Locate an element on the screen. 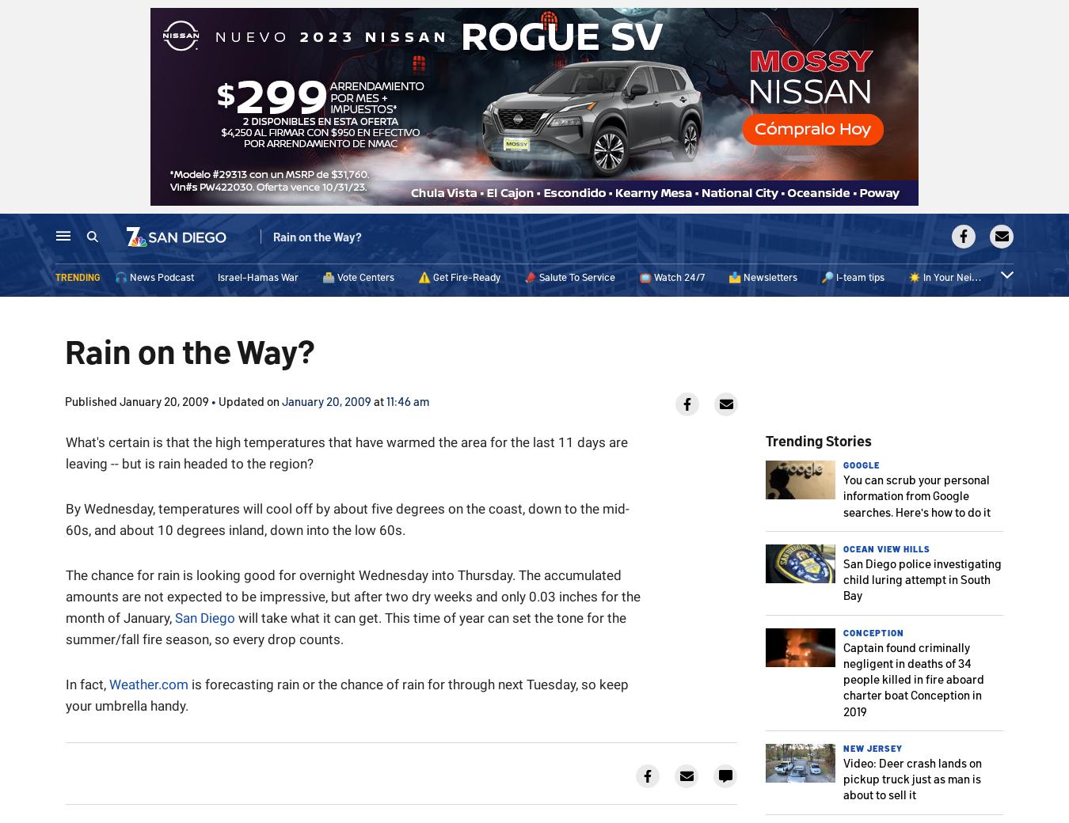 The height and width of the screenshot is (823, 1069). '📺 Watch 24/7' is located at coordinates (671, 279).